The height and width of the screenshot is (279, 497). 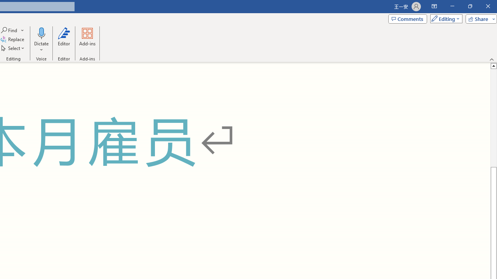 I want to click on 'Restore Down', so click(x=469, y=6).